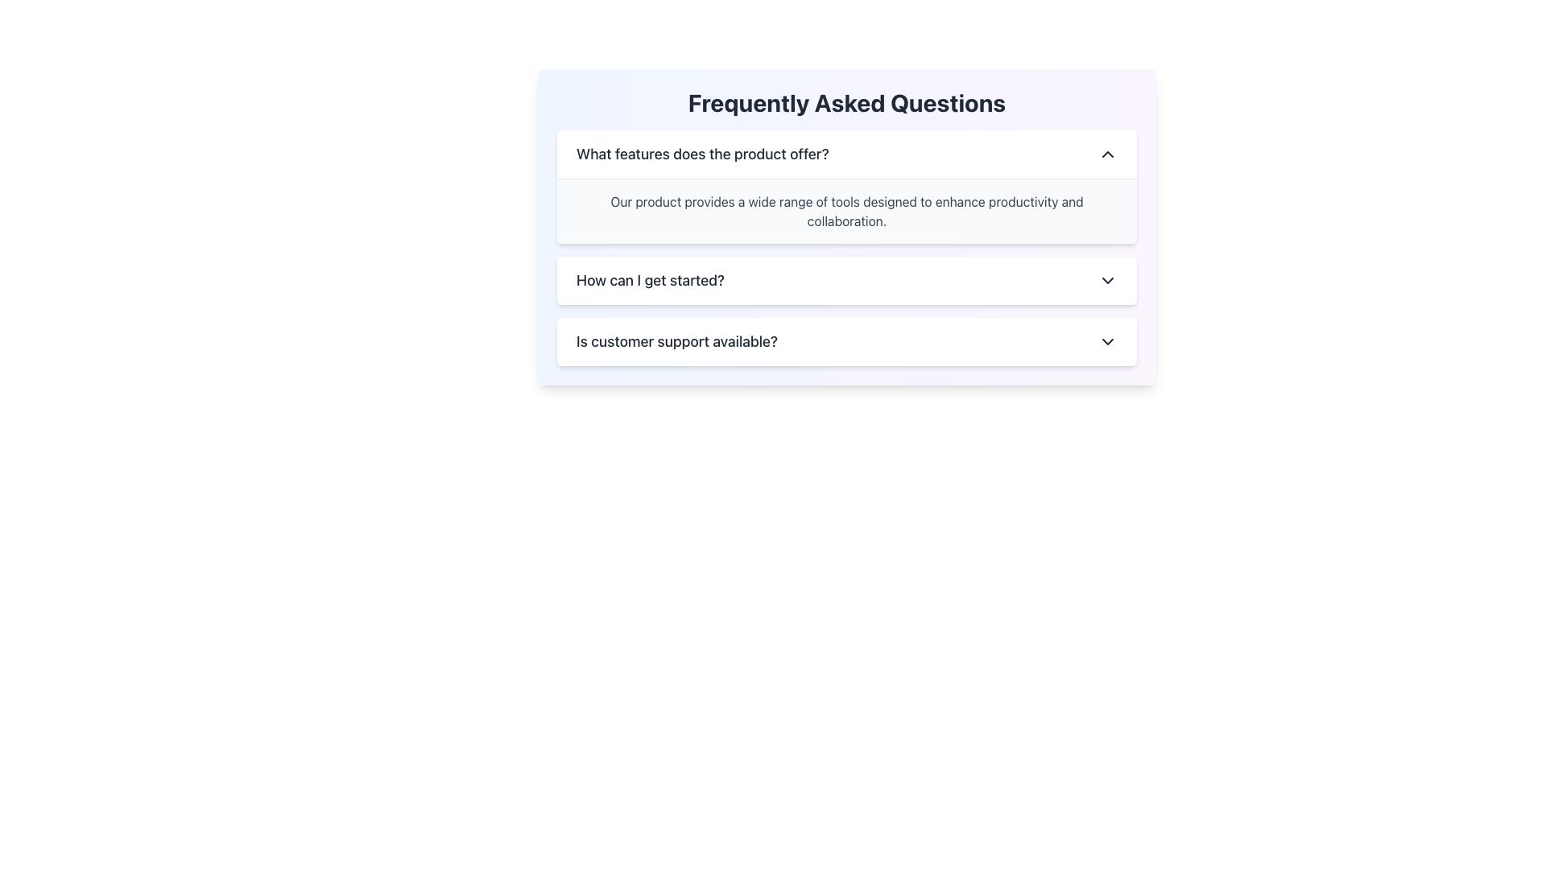 The height and width of the screenshot is (869, 1546). Describe the element at coordinates (845, 210) in the screenshot. I see `the static text block that reads 'Our product provides a wide range of tools designed to enhance productivity and collaboration.' located below the question 'What features does the product offer?' in the frequently asked questions interface` at that location.